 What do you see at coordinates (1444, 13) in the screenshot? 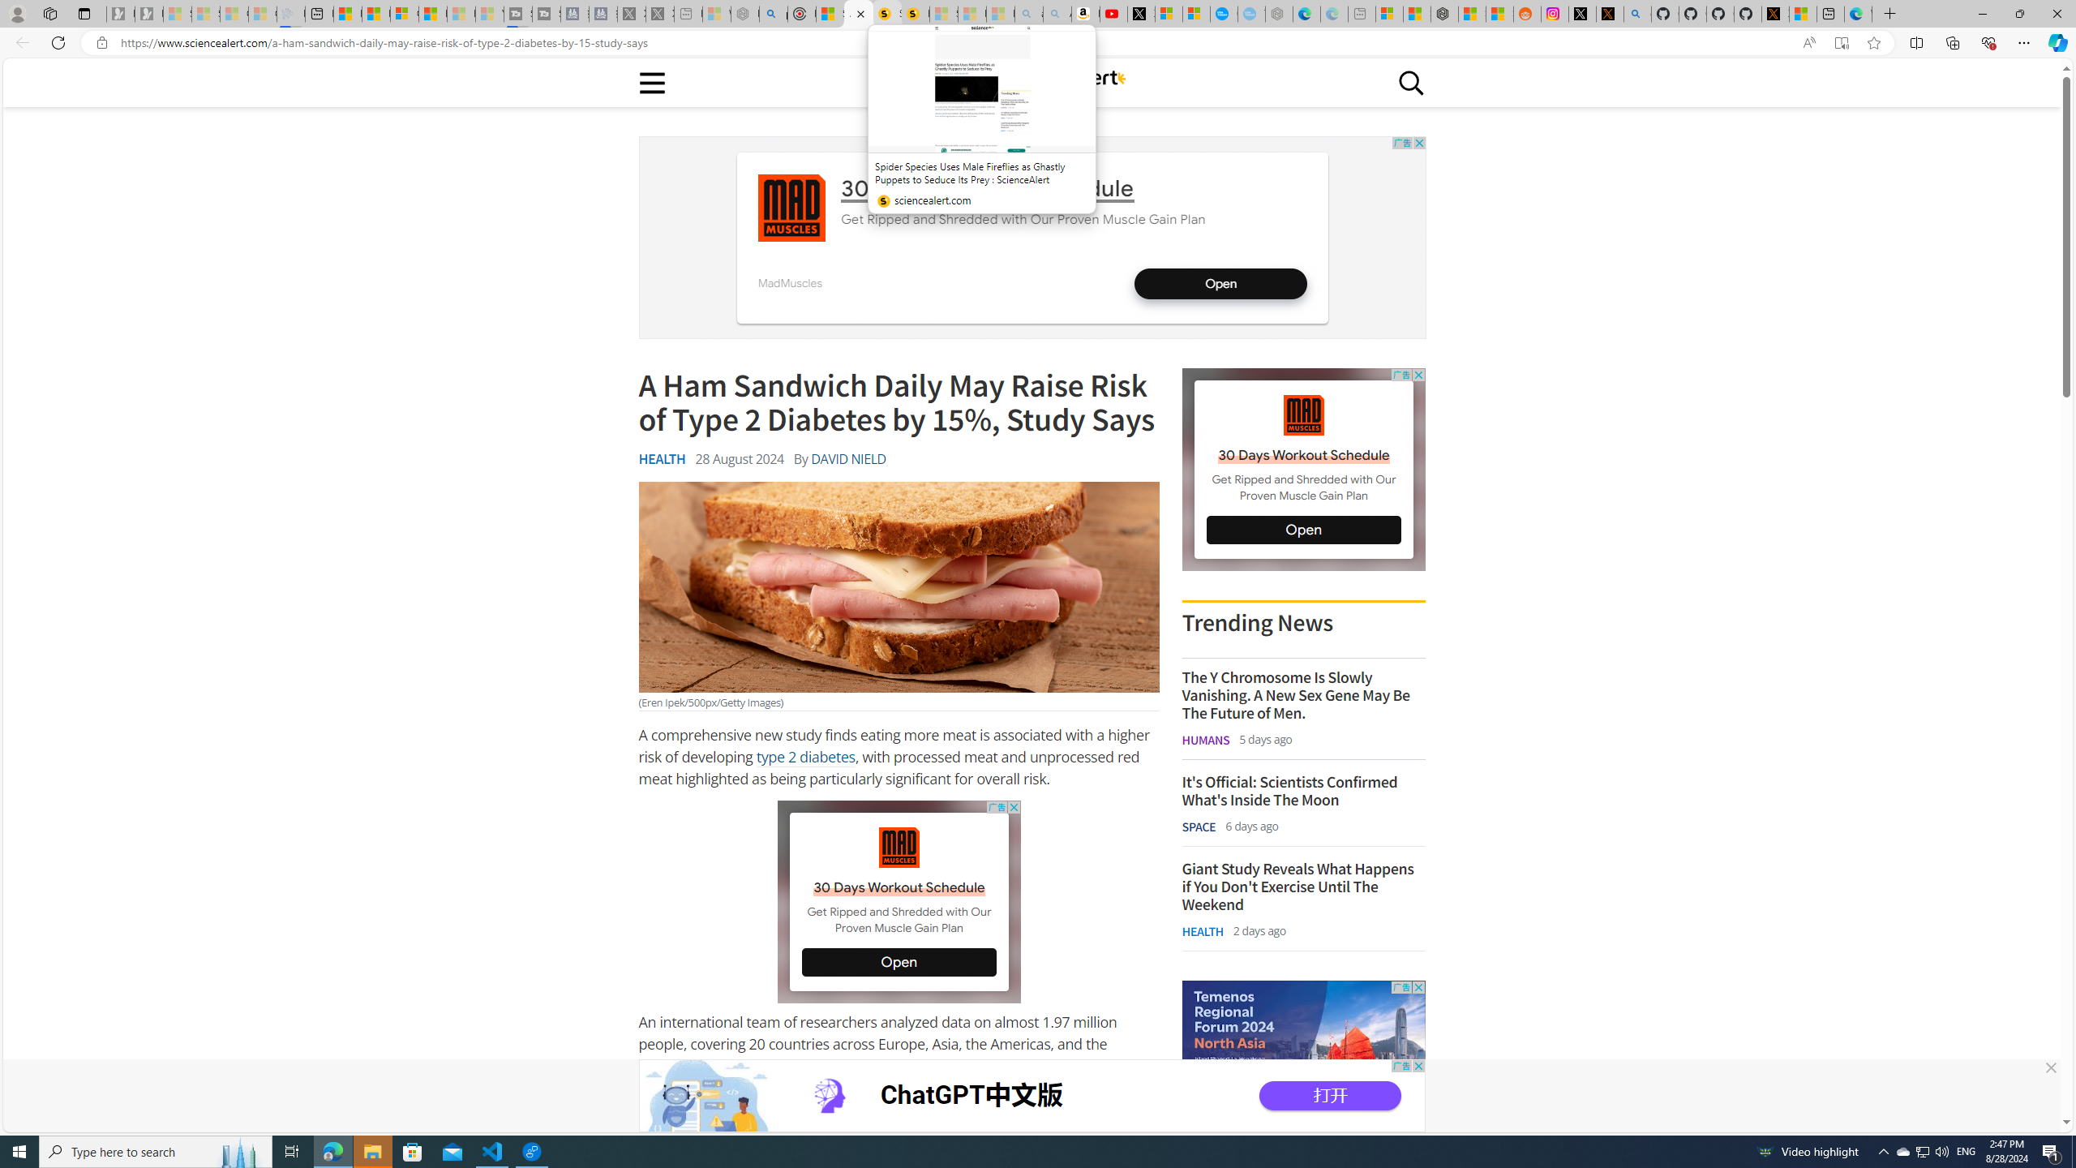
I see `'Nordace - Duffels'` at bounding box center [1444, 13].